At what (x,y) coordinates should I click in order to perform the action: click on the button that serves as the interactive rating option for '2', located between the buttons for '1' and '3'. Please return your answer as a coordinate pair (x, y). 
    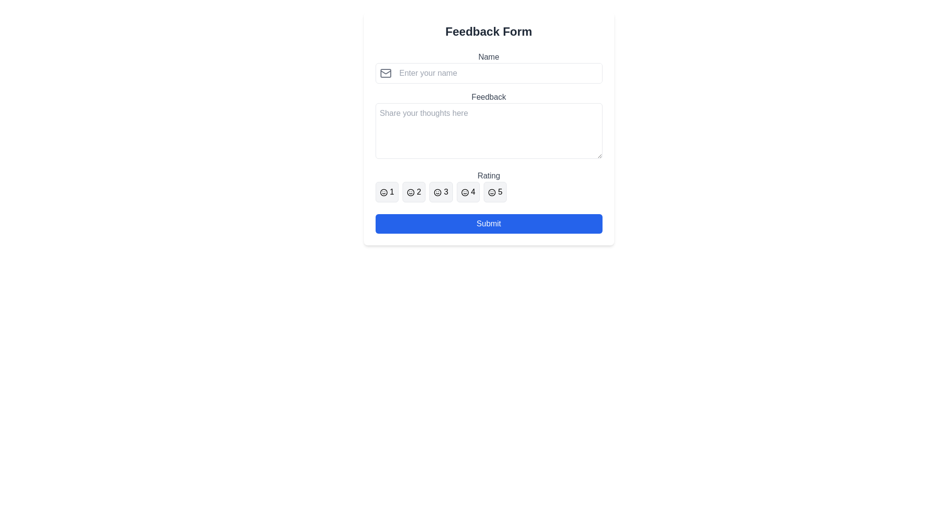
    Looking at the image, I should click on (414, 192).